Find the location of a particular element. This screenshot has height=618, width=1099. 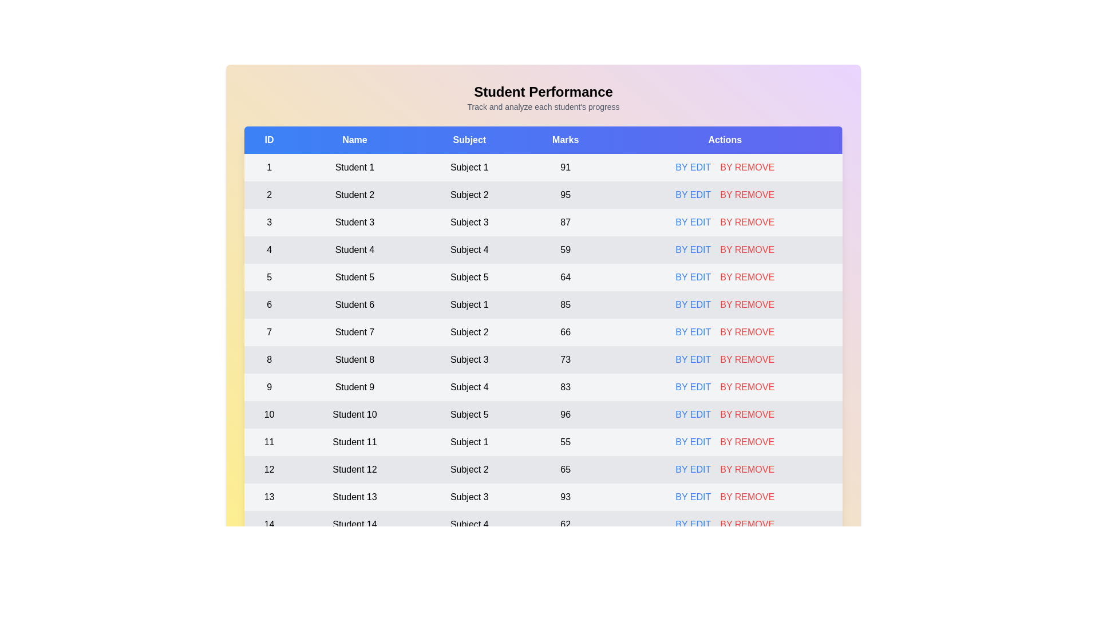

the table header to sort by Subject is located at coordinates (469, 140).